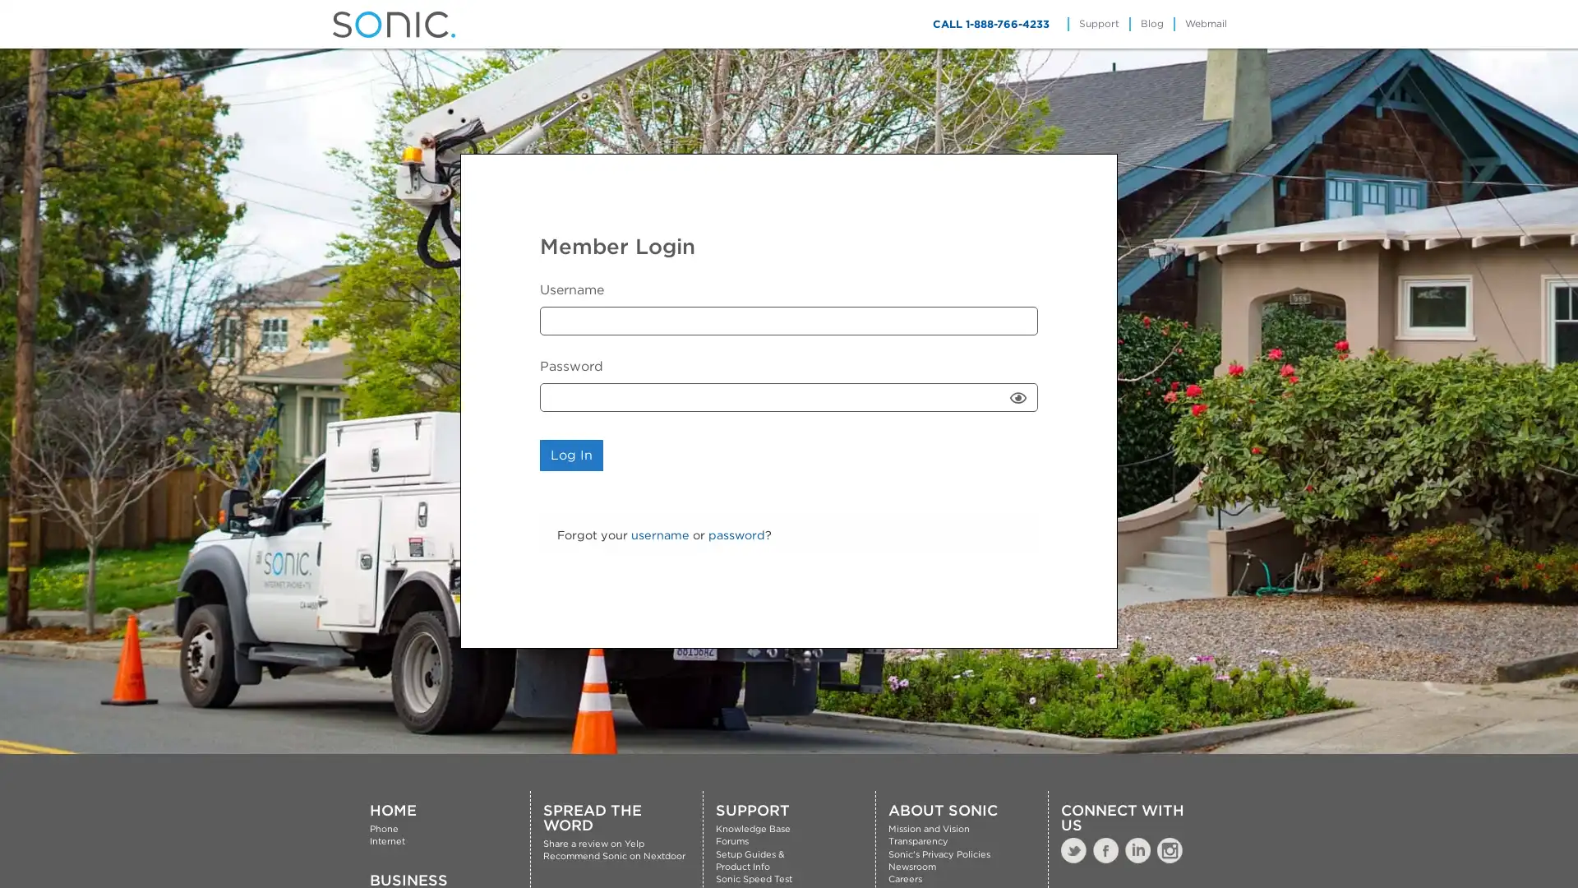 The height and width of the screenshot is (888, 1578). I want to click on Show Password, so click(1017, 397).